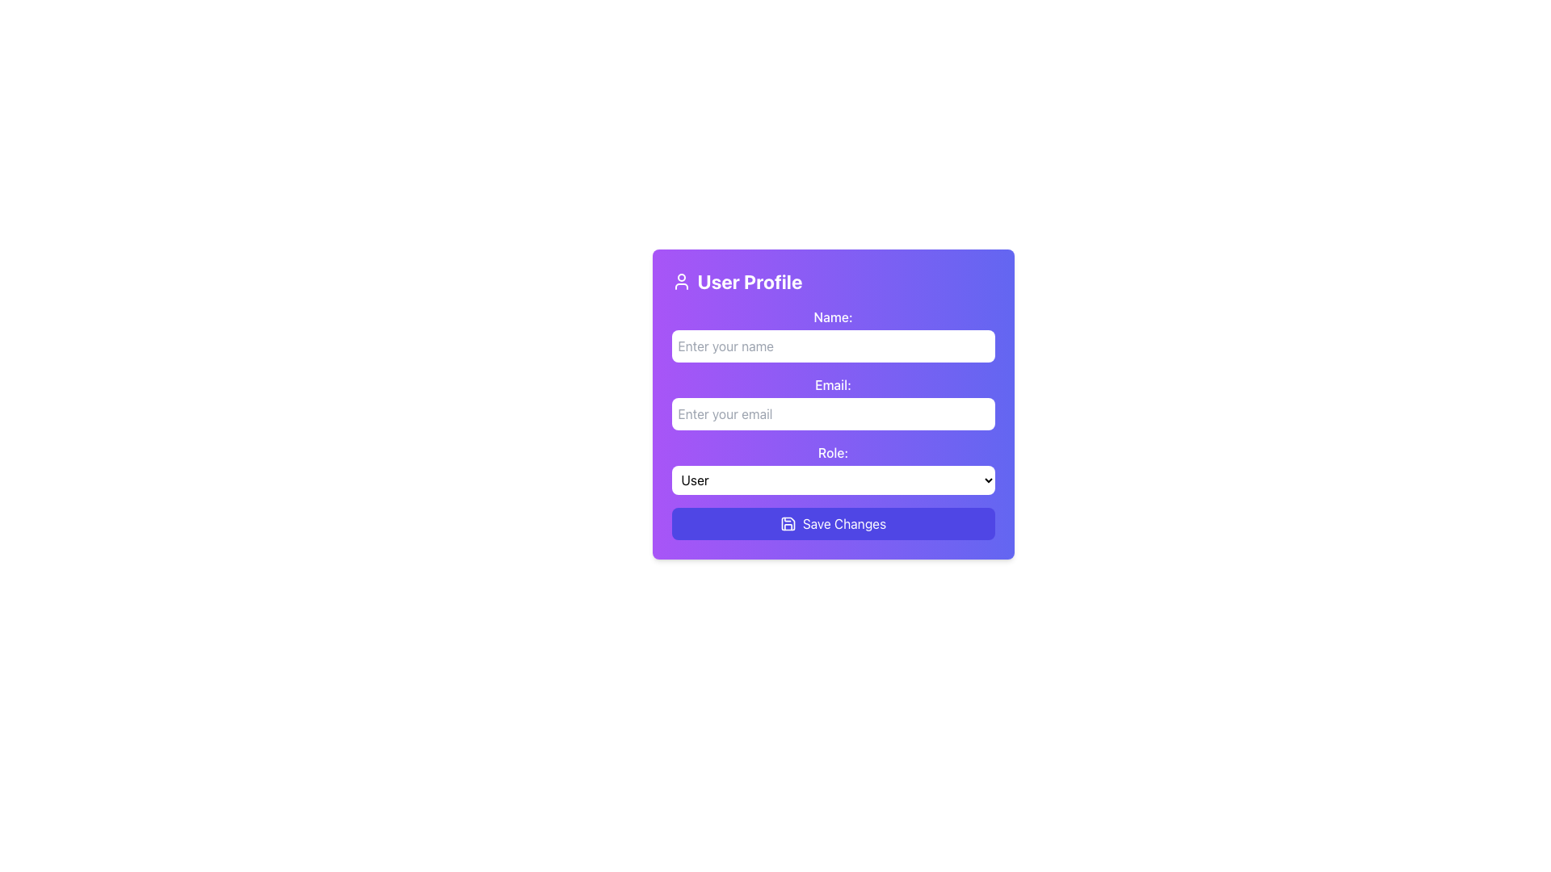  What do you see at coordinates (681, 280) in the screenshot?
I see `the user profile icon located in the top-left corner of the purple card interface, which is positioned left of the text 'User Profile'` at bounding box center [681, 280].